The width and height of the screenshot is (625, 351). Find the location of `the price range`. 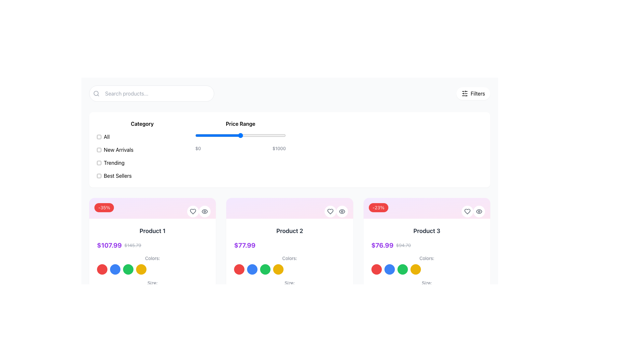

the price range is located at coordinates (229, 135).